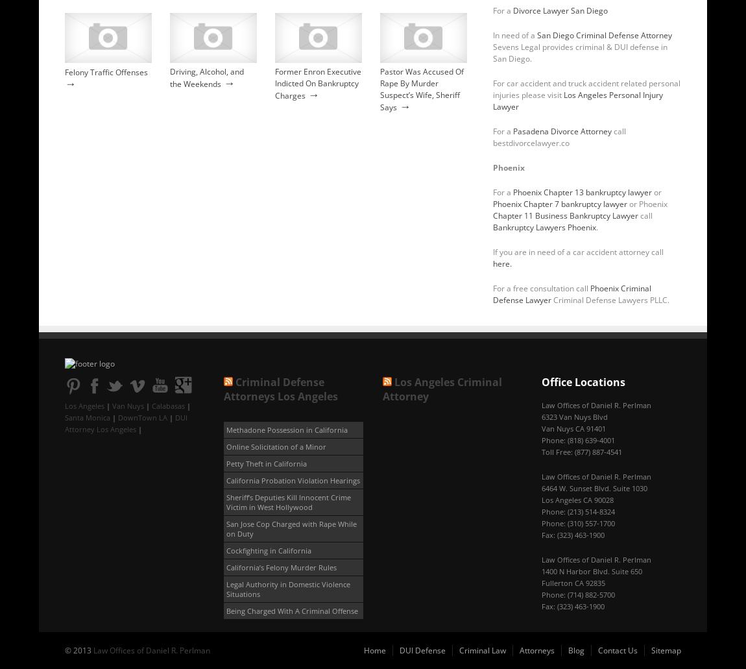 The image size is (746, 669). I want to click on 'Phoenix Chapter 13 bankruptcy lawyer', so click(583, 192).